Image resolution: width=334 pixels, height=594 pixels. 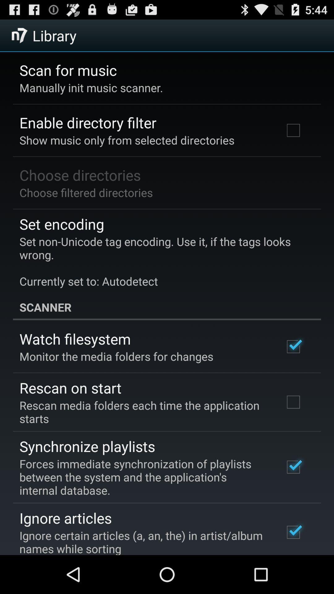 What do you see at coordinates (70, 387) in the screenshot?
I see `the item below monitor the media icon` at bounding box center [70, 387].